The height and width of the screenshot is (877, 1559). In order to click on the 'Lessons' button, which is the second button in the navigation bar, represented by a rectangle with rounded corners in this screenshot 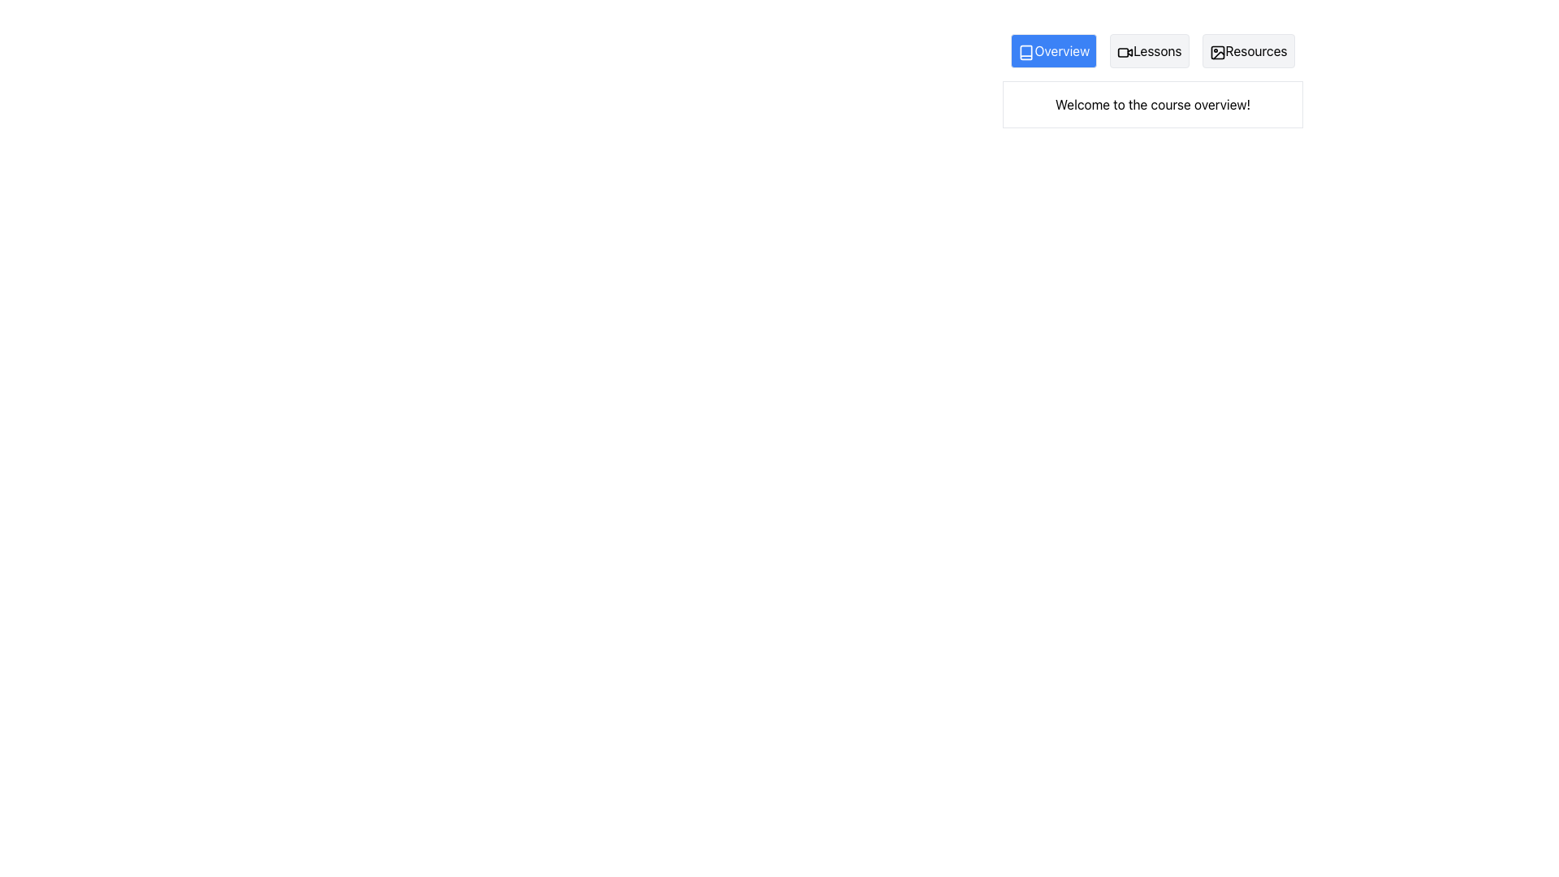, I will do `click(1122, 51)`.